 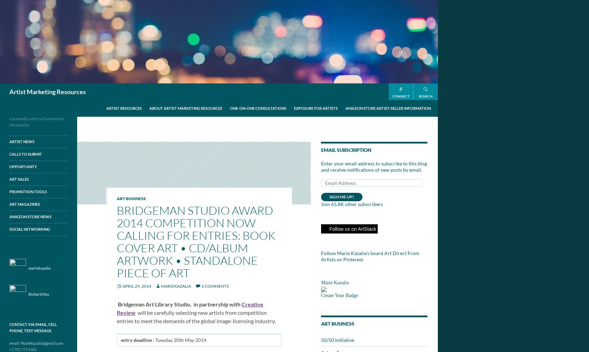 What do you see at coordinates (339, 295) in the screenshot?
I see `'Create Your Badge'` at bounding box center [339, 295].